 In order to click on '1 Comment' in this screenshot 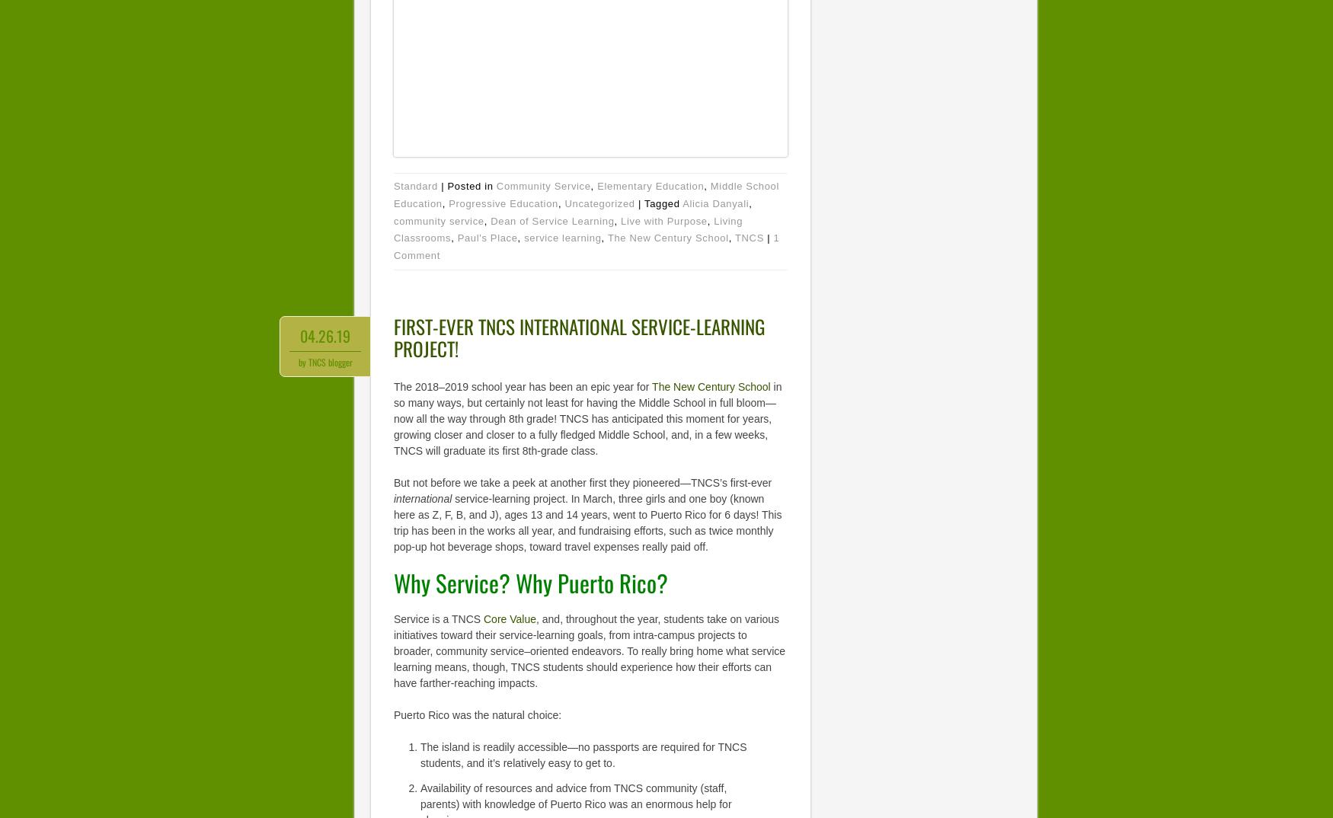, I will do `click(586, 246)`.